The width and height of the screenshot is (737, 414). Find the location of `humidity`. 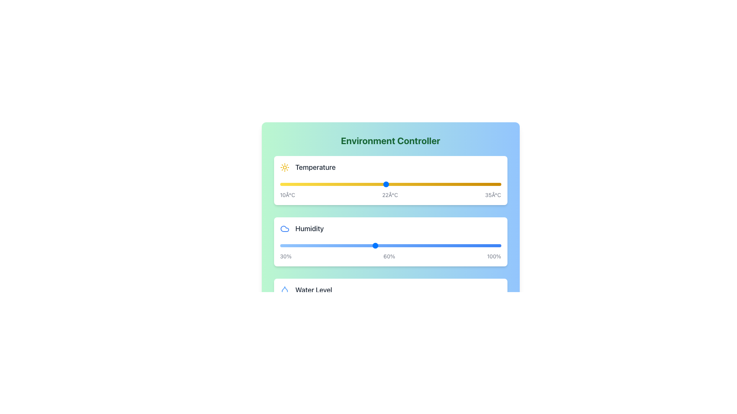

humidity is located at coordinates (375, 245).